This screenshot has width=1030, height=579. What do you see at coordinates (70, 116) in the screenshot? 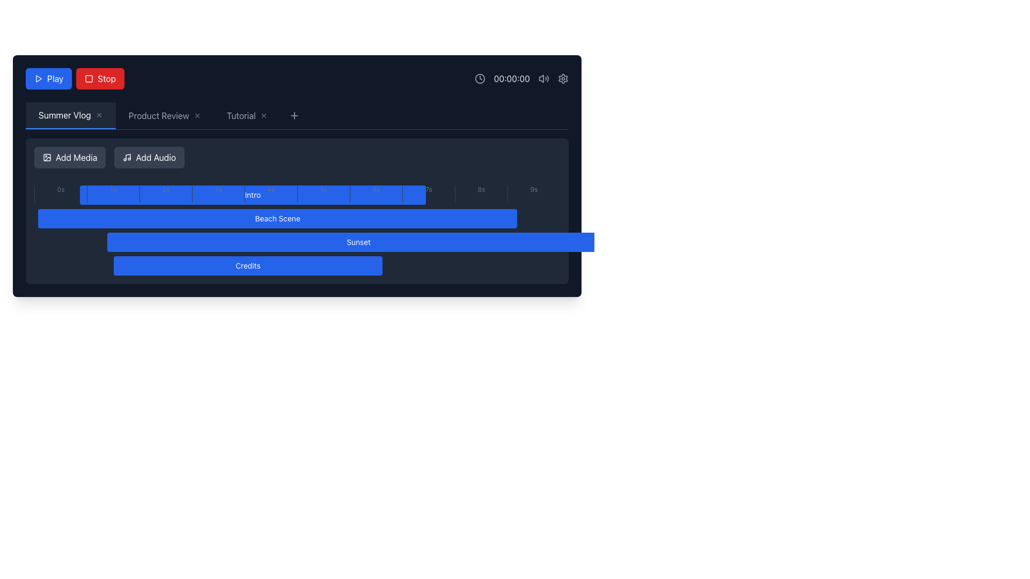
I see `the 'Summer Vlog' tab in the navigation bar to trigger a tooltip or style change` at bounding box center [70, 116].